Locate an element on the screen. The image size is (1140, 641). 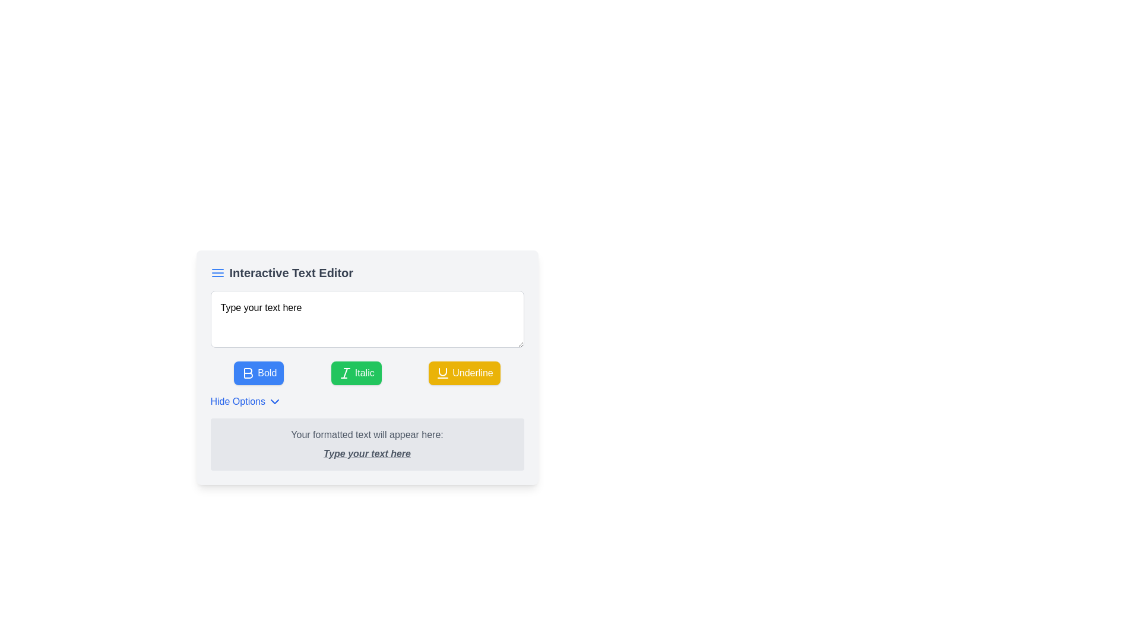
the green 'Italic' button located centrally between the 'Bold' and 'Underline' buttons is located at coordinates (366, 367).